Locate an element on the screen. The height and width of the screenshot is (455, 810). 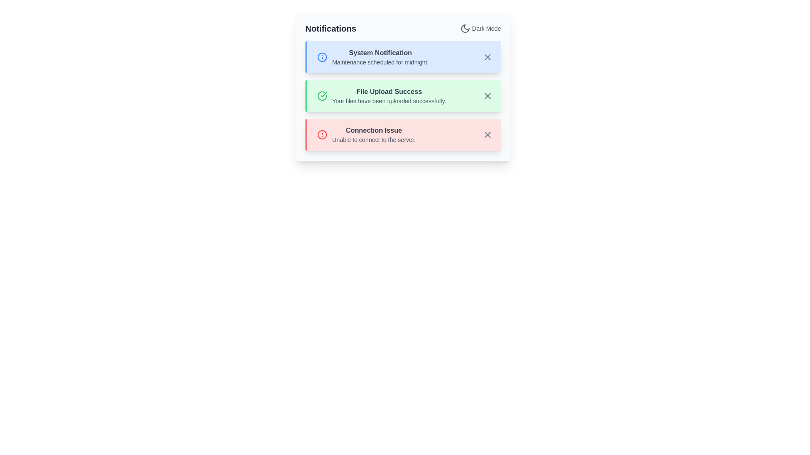
the informational icon located in the top section of the notification box, to the left of the 'System Notification' text is located at coordinates (321, 57).